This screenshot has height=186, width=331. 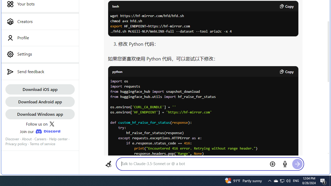 I want to click on 'Profile', so click(x=40, y=37).